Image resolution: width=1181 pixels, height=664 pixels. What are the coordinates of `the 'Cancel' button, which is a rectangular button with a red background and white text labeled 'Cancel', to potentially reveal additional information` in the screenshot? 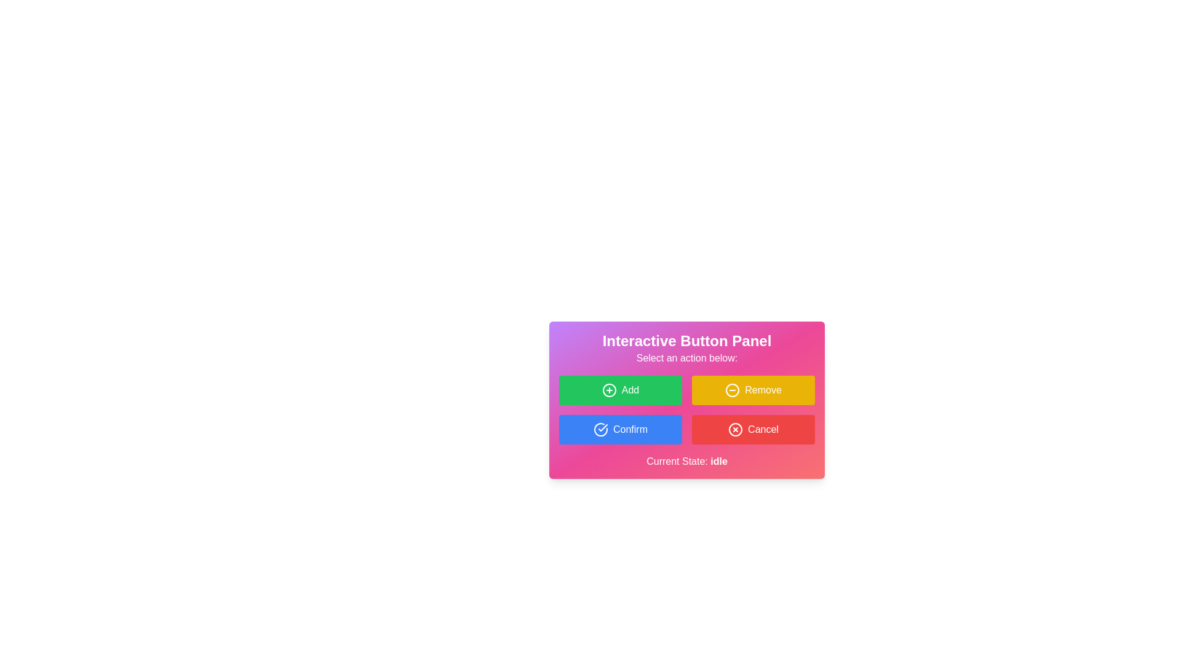 It's located at (752, 429).